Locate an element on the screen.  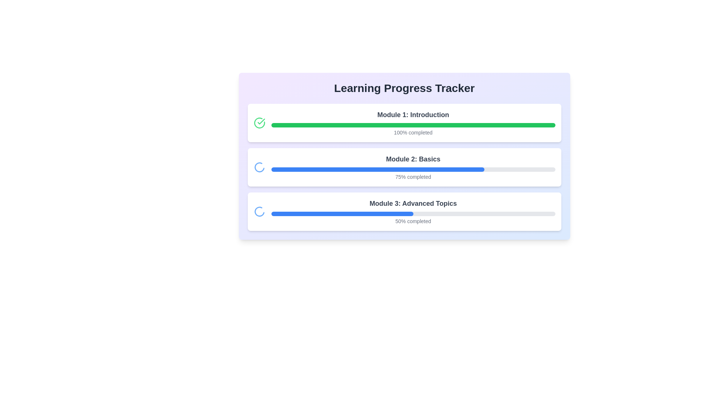
the progress bar indicating the completion status of Module 1, which is fully completed and located directly below the title 'Module 1: Introduction' is located at coordinates (413, 125).